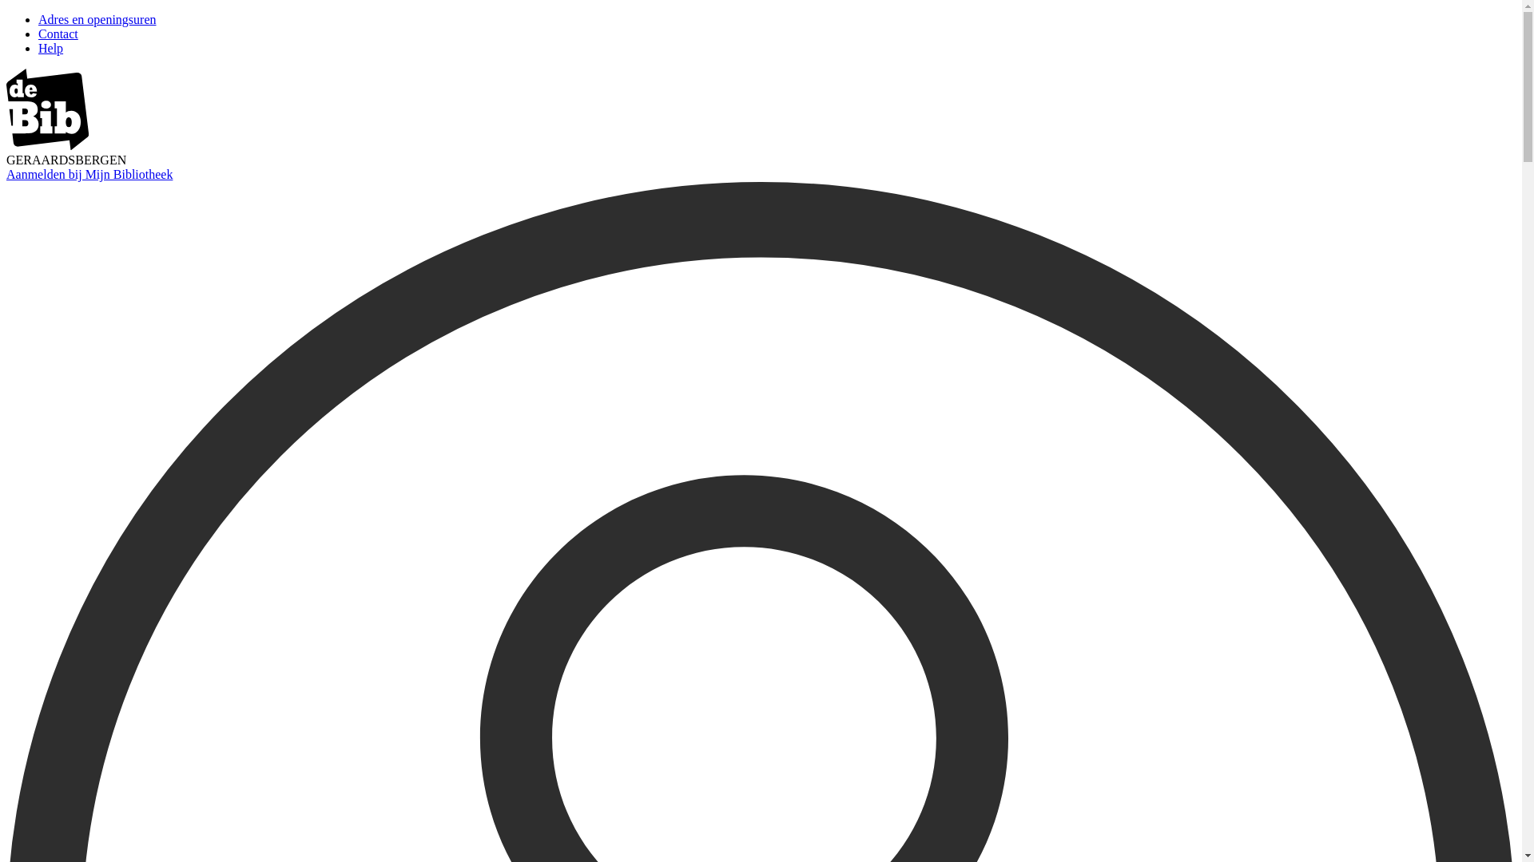 The image size is (1534, 862). Describe the element at coordinates (58, 34) in the screenshot. I see `'Contact'` at that location.